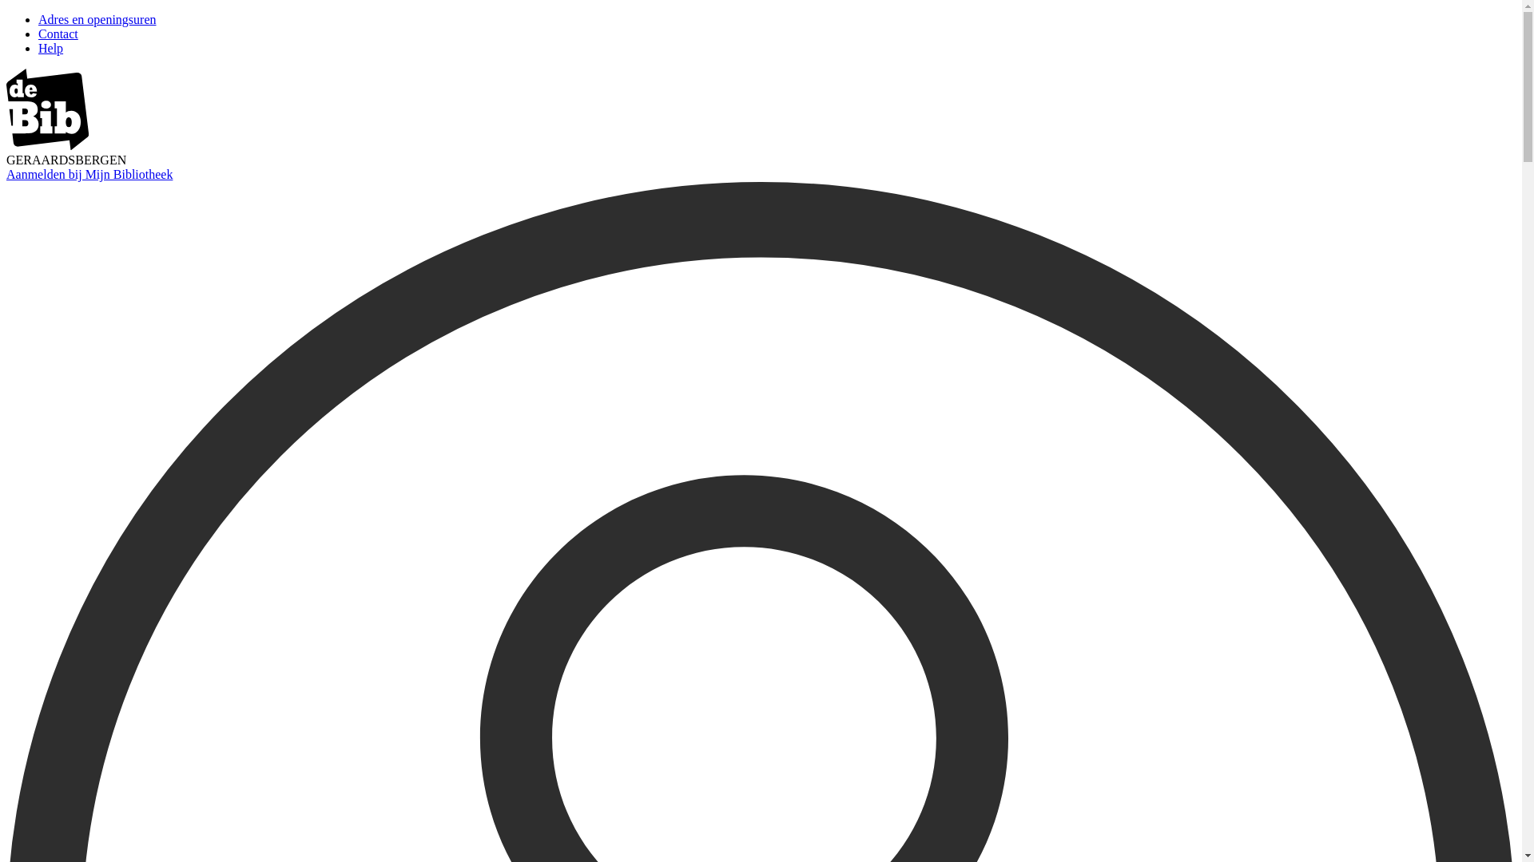 The image size is (1534, 862). Describe the element at coordinates (58, 34) in the screenshot. I see `'Contact'` at that location.